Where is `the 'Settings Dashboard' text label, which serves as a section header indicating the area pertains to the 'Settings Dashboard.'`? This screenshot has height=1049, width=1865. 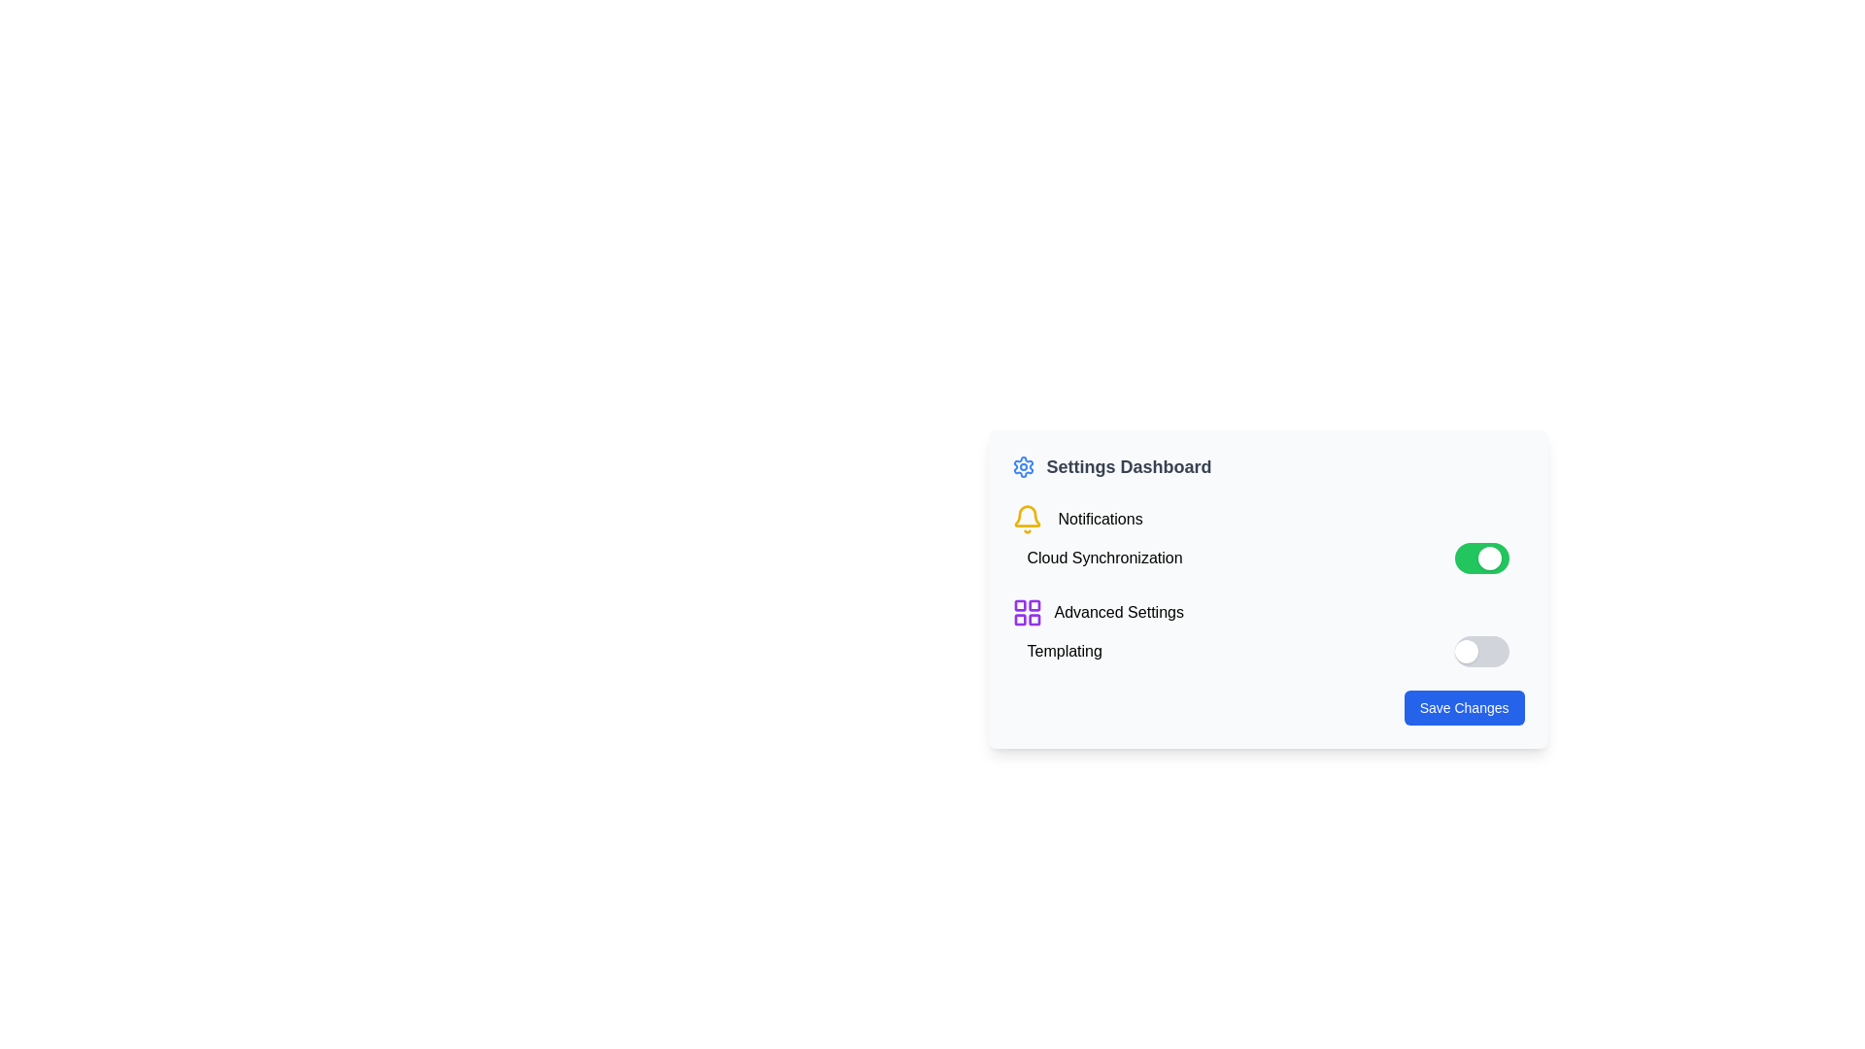 the 'Settings Dashboard' text label, which serves as a section header indicating the area pertains to the 'Settings Dashboard.' is located at coordinates (1129, 467).